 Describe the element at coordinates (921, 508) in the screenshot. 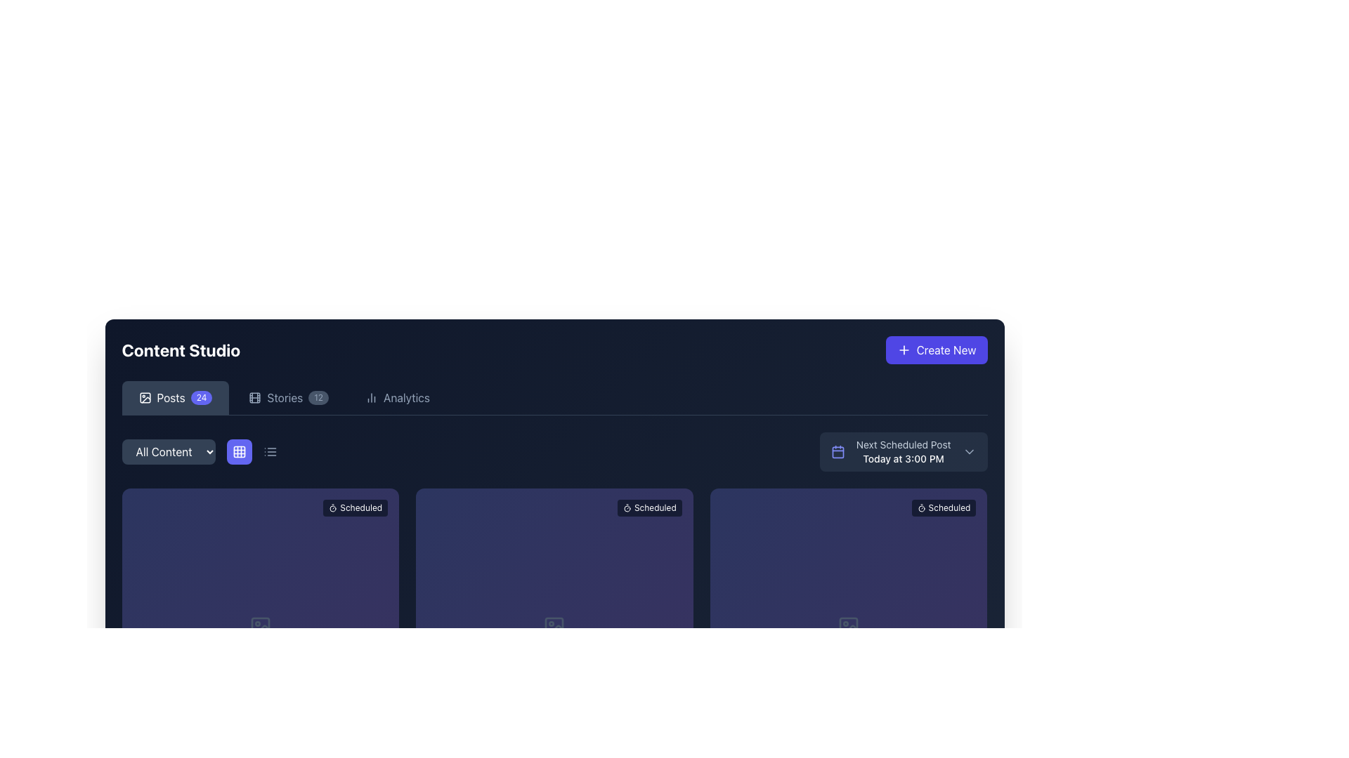

I see `the small circular timer icon styled as an SVG graphic located to the left of the 'Scheduled' text in the upper-right corner of the card layout` at that location.